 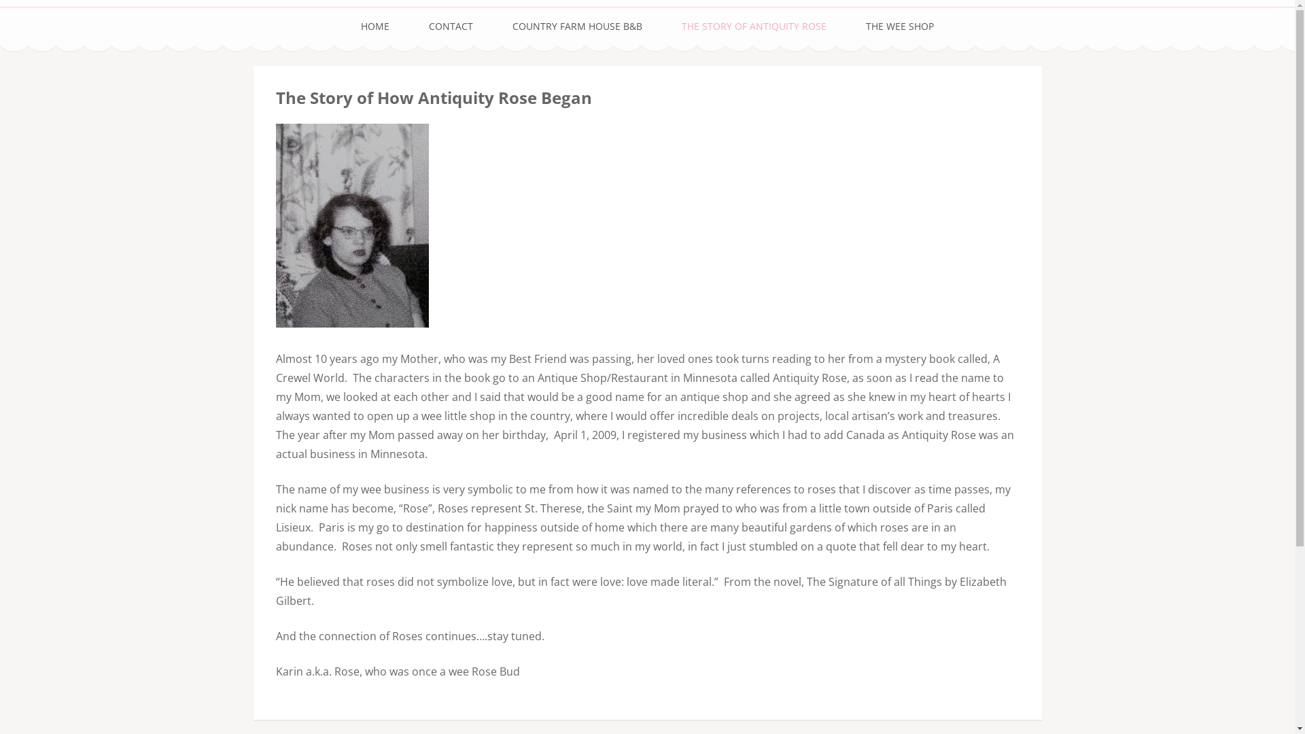 I want to click on 'THE WEE SHOP', so click(x=900, y=26).